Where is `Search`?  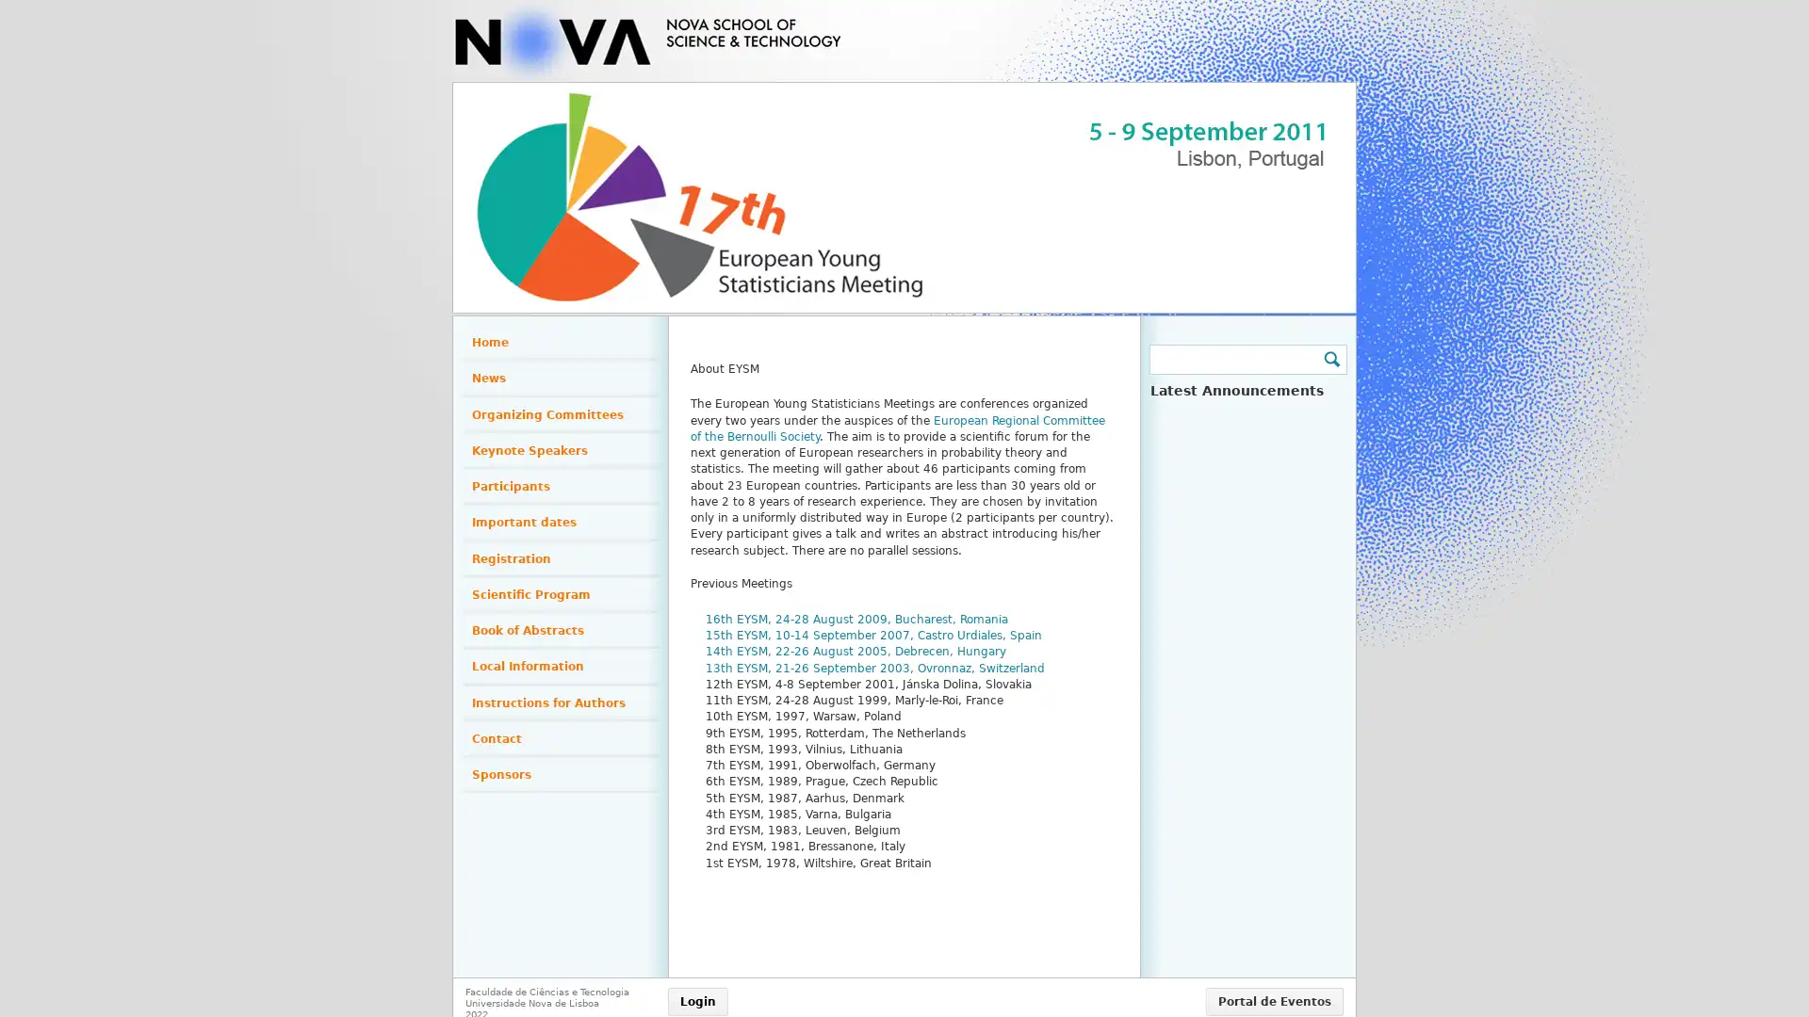
Search is located at coordinates (1329, 359).